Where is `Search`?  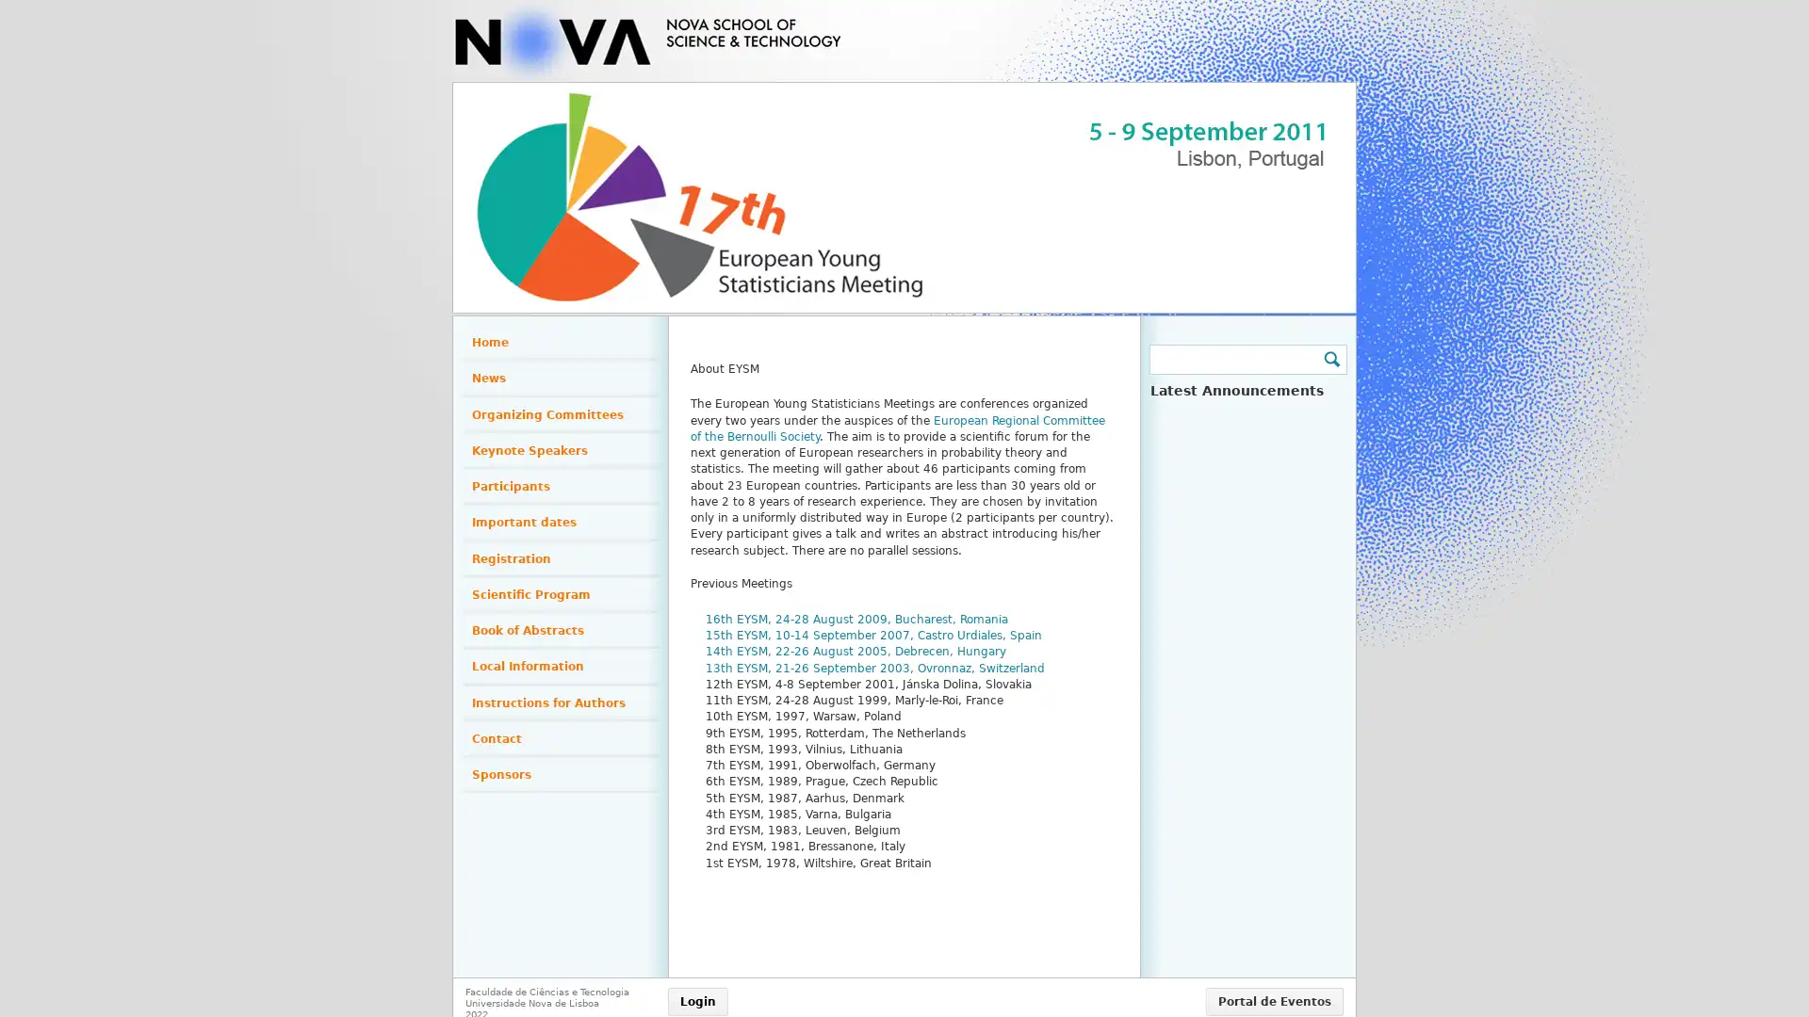
Search is located at coordinates (1329, 359).